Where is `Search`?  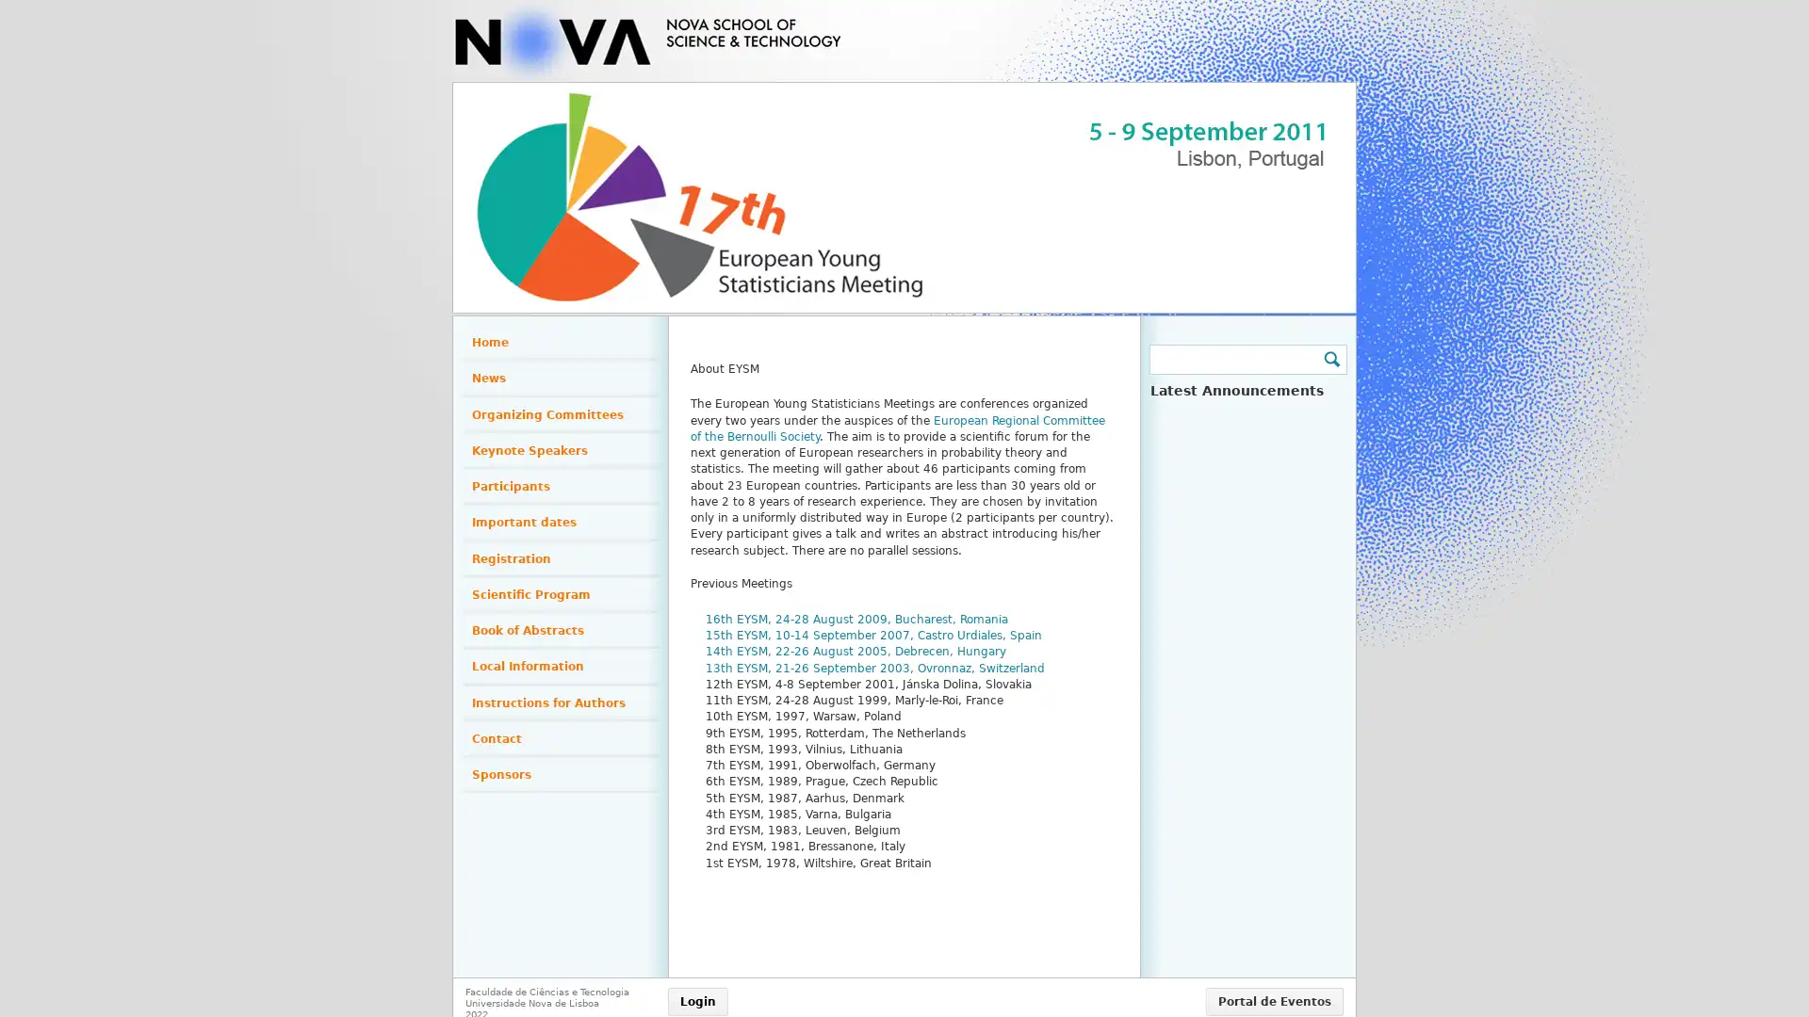
Search is located at coordinates (1329, 359).